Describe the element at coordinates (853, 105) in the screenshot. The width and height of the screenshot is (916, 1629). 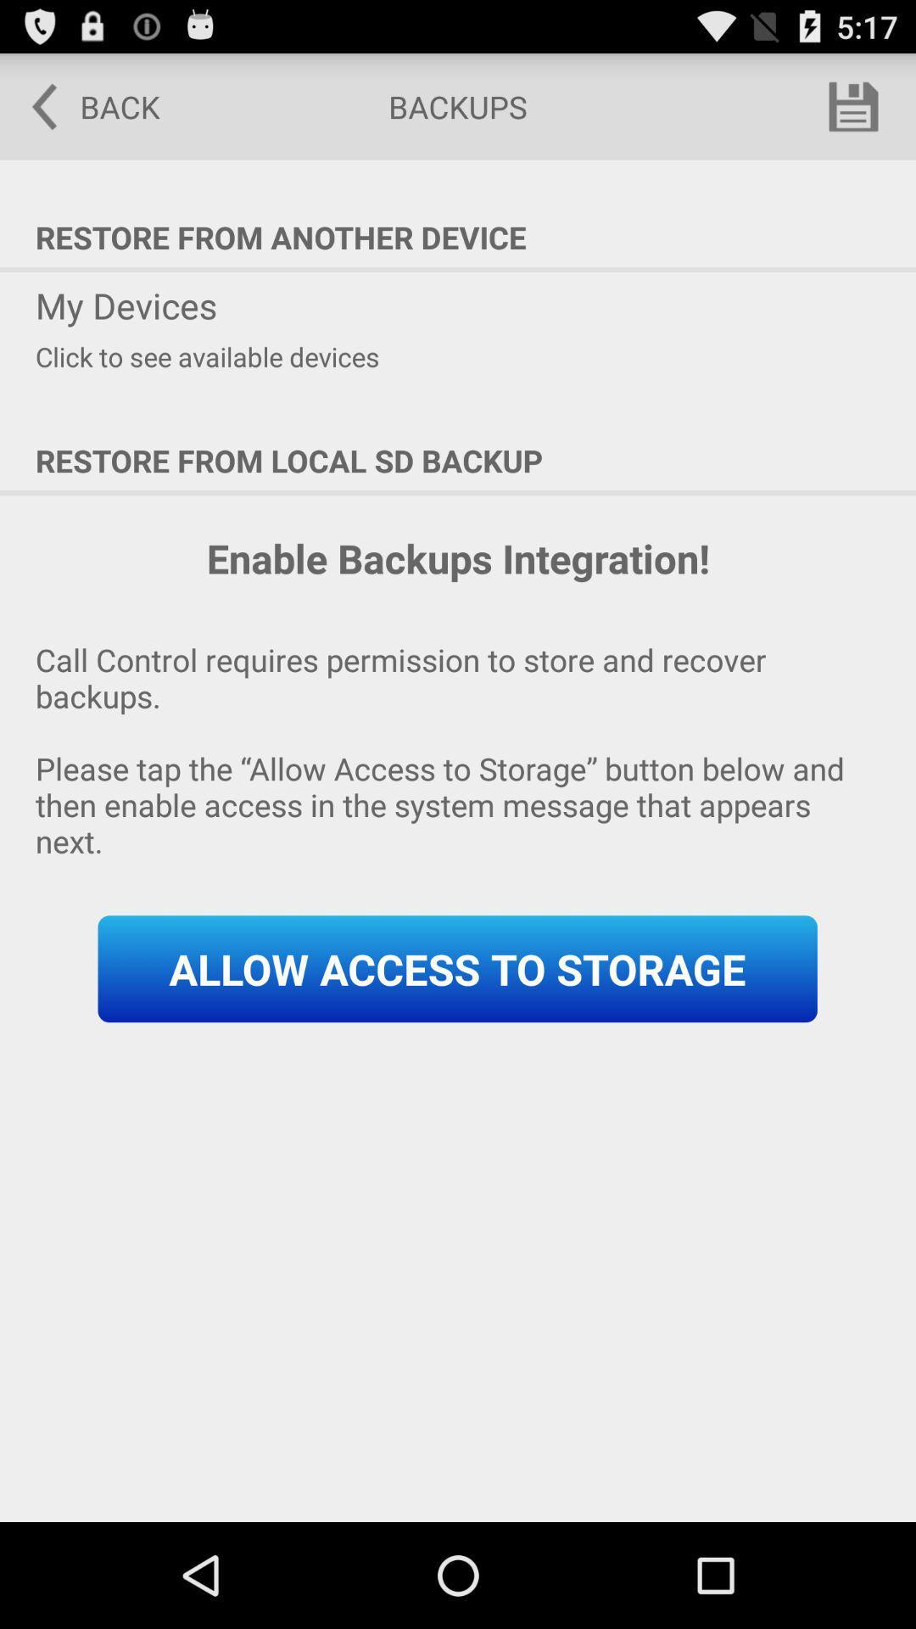
I see `icon at the top right corner` at that location.